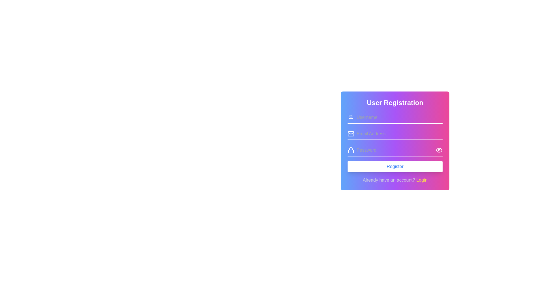  Describe the element at coordinates (395, 153) in the screenshot. I see `the input field in the User Registration modal form to enter text for Username, Email Address, or Password` at that location.